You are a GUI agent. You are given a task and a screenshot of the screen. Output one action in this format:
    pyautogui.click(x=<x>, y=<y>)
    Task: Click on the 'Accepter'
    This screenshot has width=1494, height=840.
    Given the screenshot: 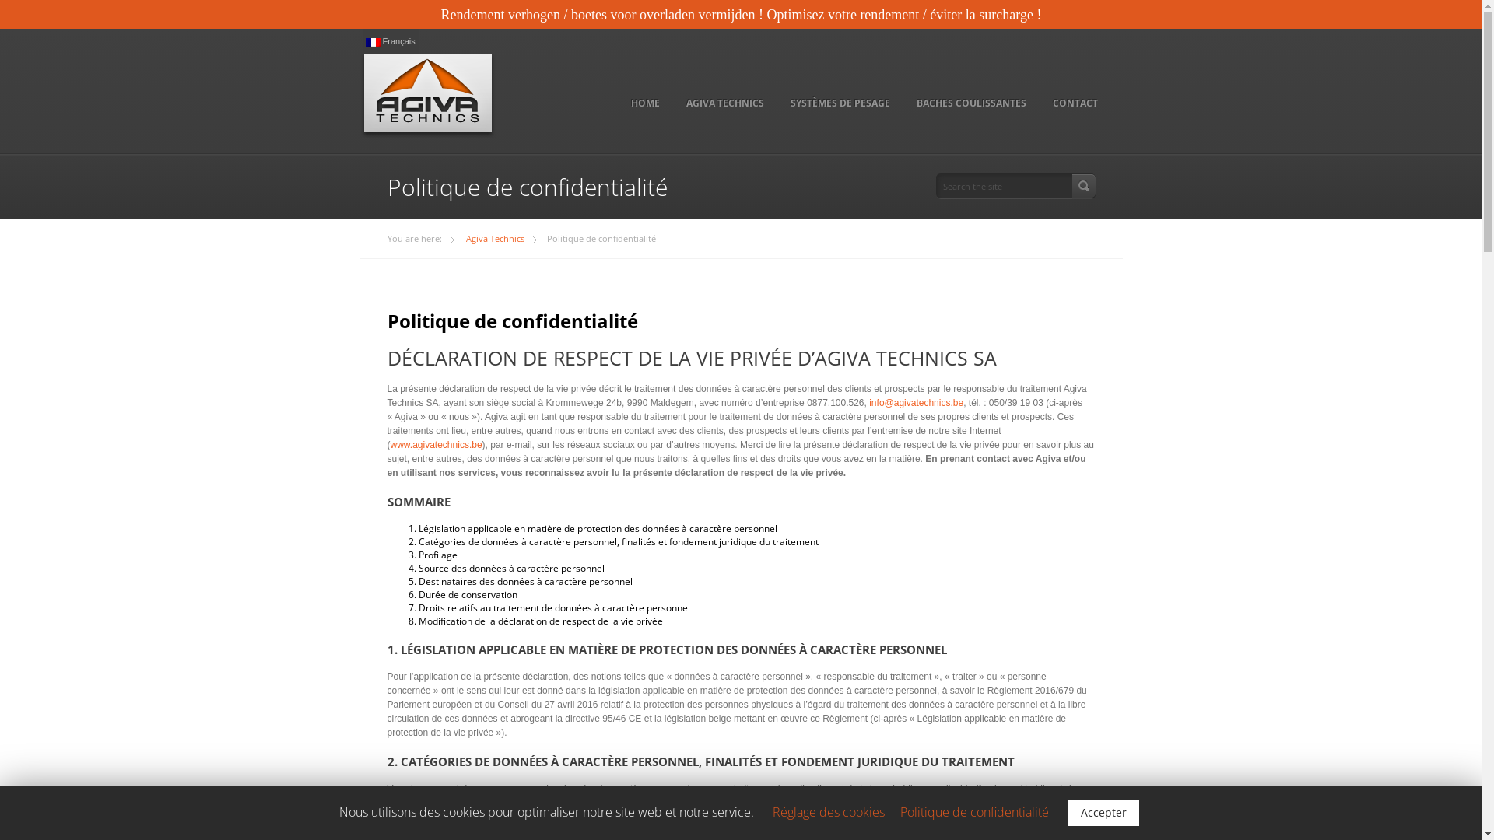 What is the action you would take?
    pyautogui.click(x=1103, y=812)
    